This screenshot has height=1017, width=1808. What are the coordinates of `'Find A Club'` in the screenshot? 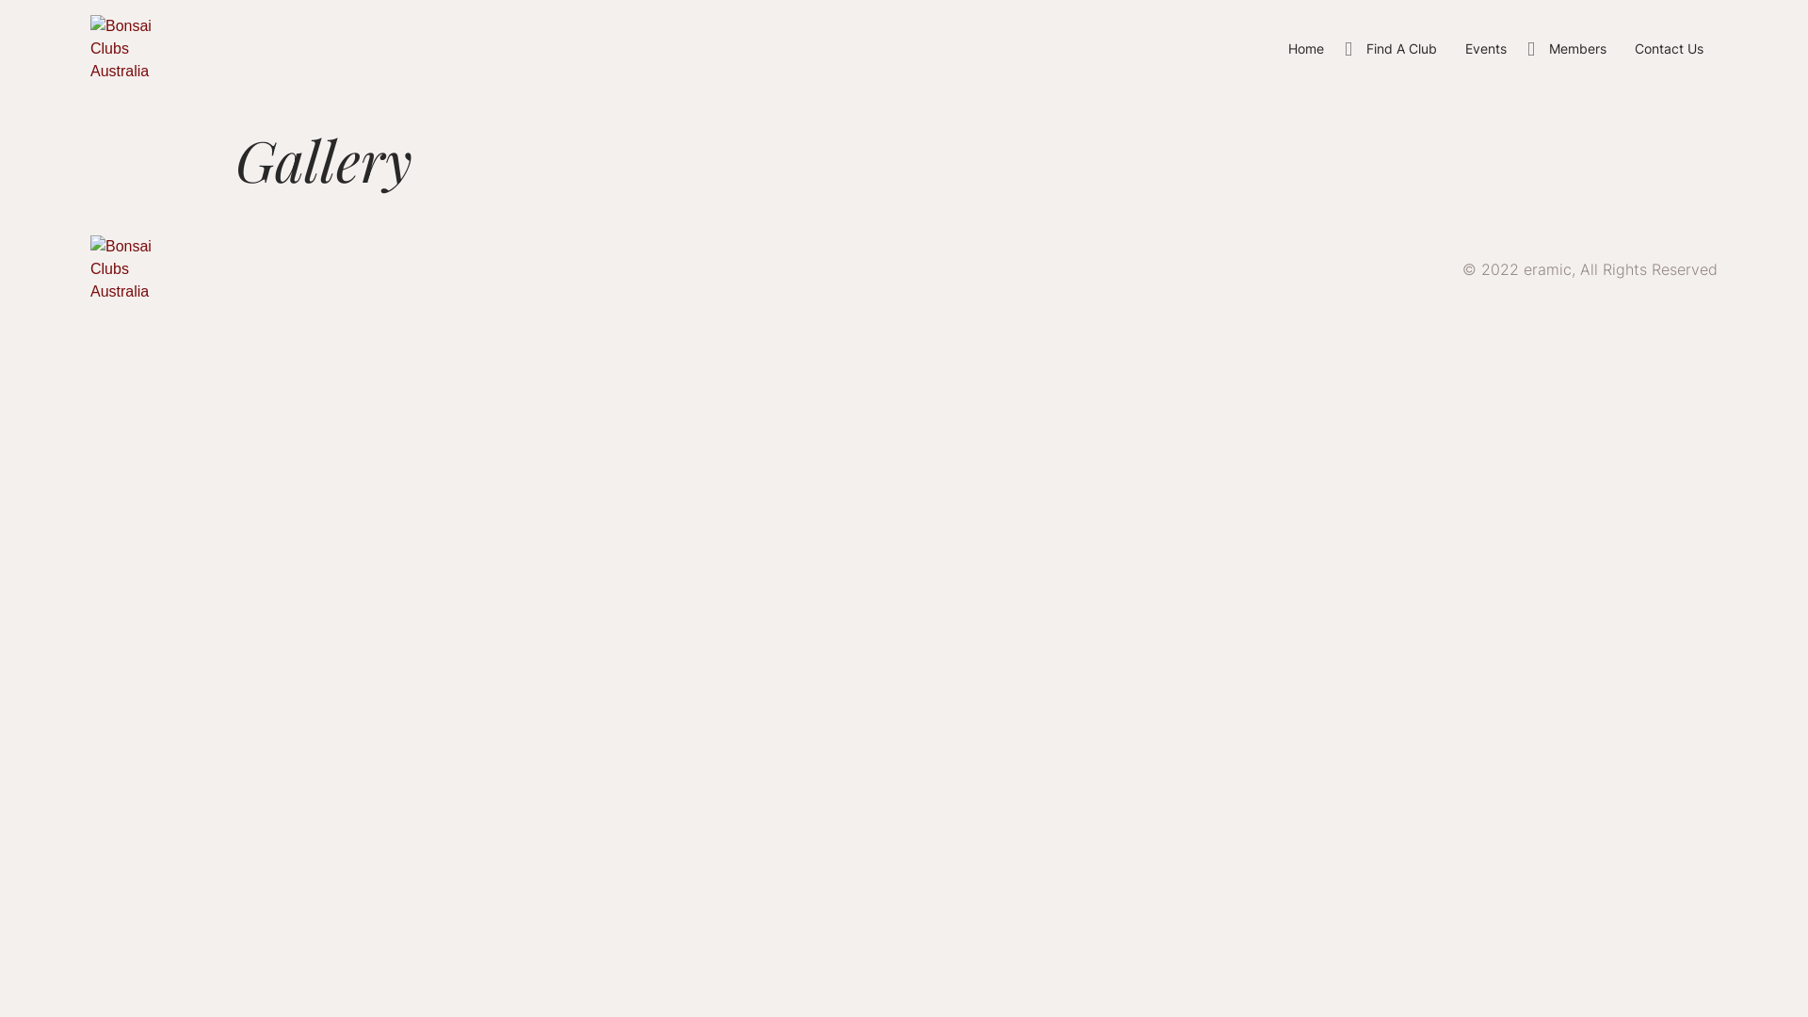 It's located at (1350, 47).